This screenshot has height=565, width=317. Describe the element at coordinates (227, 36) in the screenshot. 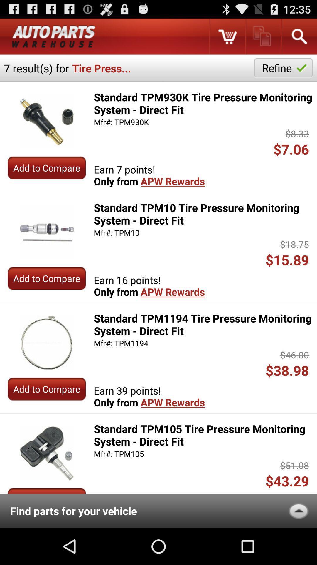

I see `move to right of autoparts` at that location.